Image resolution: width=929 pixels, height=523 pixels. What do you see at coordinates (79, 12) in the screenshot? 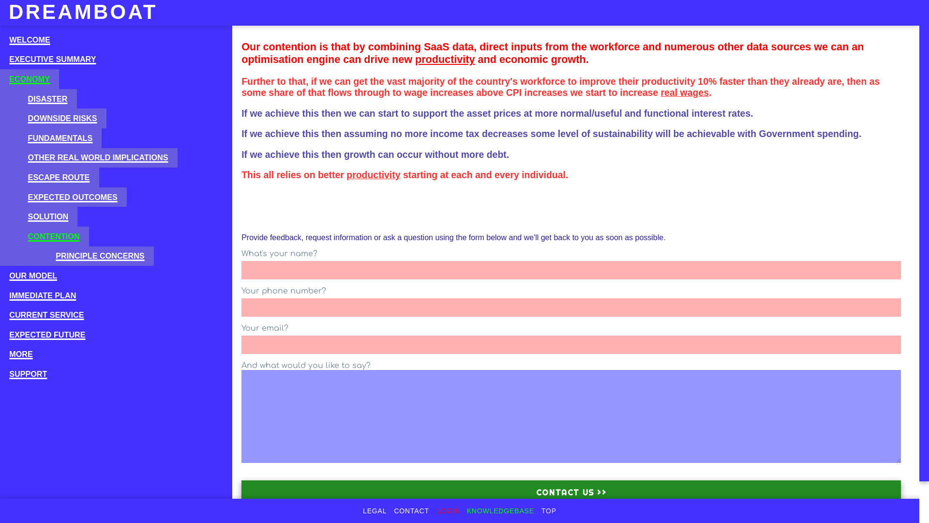
I see `'DREAMBOAT'` at bounding box center [79, 12].